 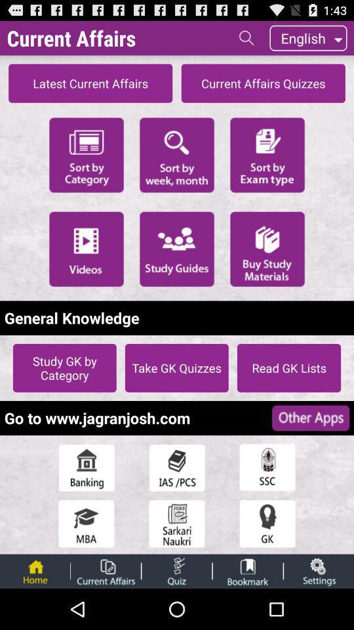 What do you see at coordinates (86, 154) in the screenshot?
I see `filters the category` at bounding box center [86, 154].